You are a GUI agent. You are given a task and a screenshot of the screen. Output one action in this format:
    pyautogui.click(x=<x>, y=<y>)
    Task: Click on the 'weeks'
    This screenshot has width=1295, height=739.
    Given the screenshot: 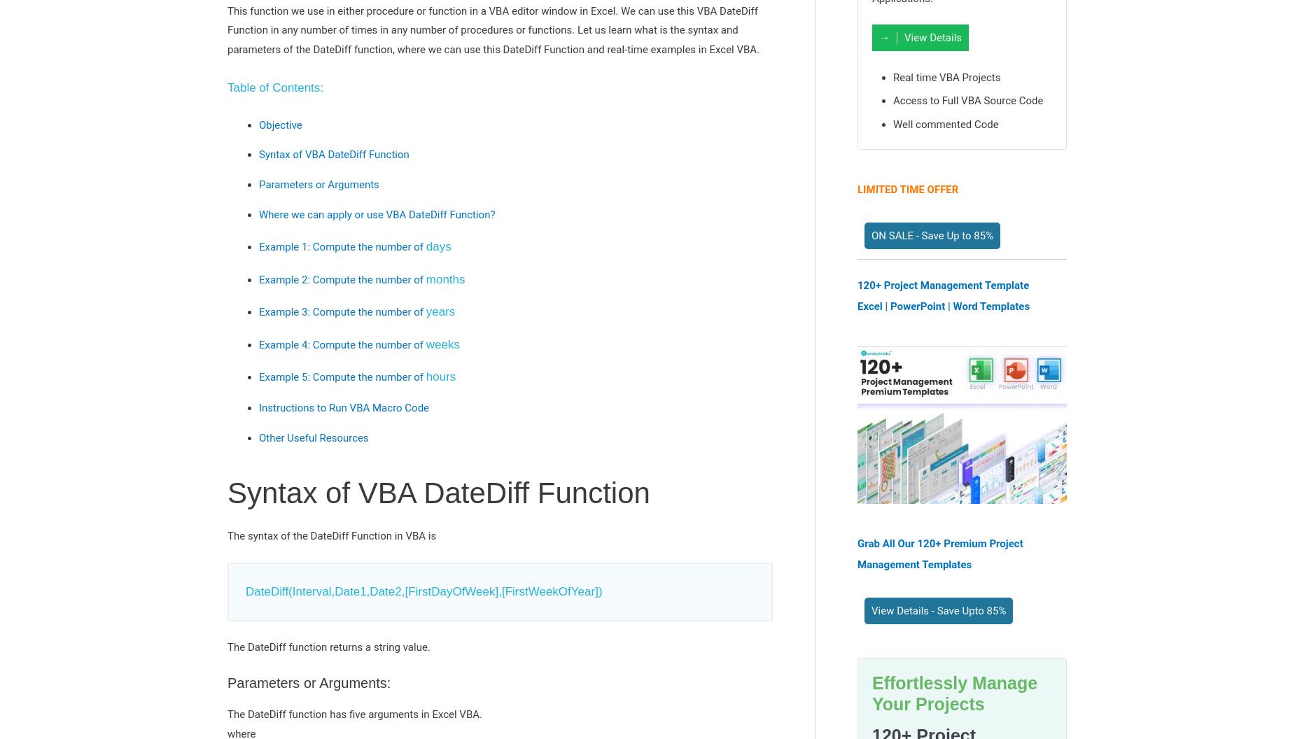 What is the action you would take?
    pyautogui.click(x=442, y=343)
    